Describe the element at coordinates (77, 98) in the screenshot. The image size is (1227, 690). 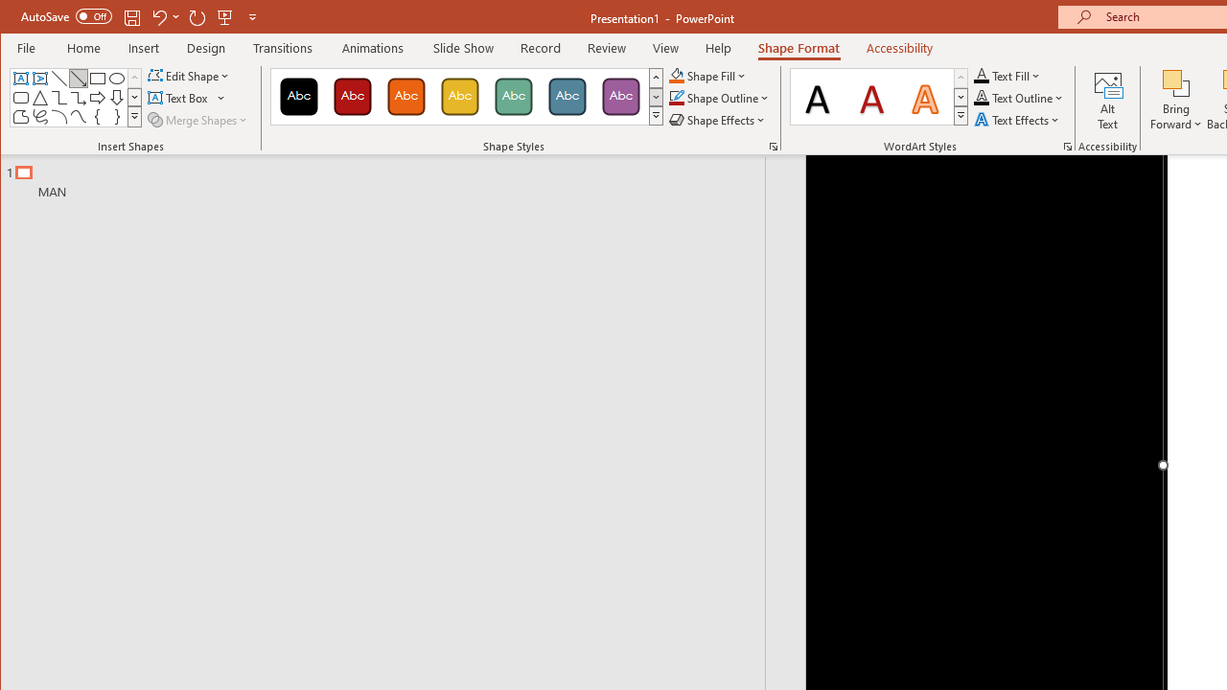
I see `'AutomationID: ShapesInsertGallery'` at that location.